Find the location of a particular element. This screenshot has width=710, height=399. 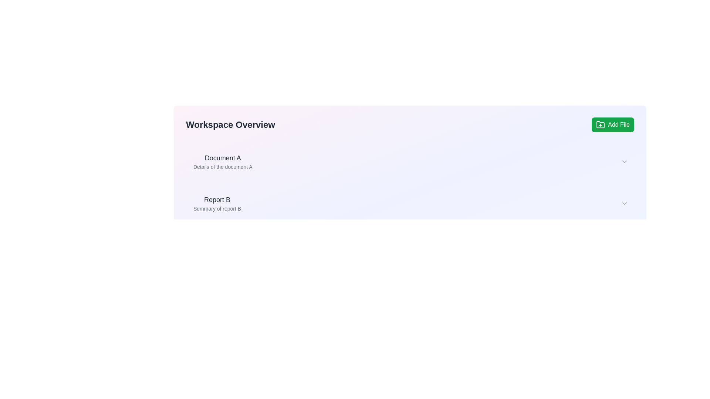

the green folder icon with a plus symbol, which is the body component located on the 'Add File' button in the top-right section of the interface is located at coordinates (601, 124).